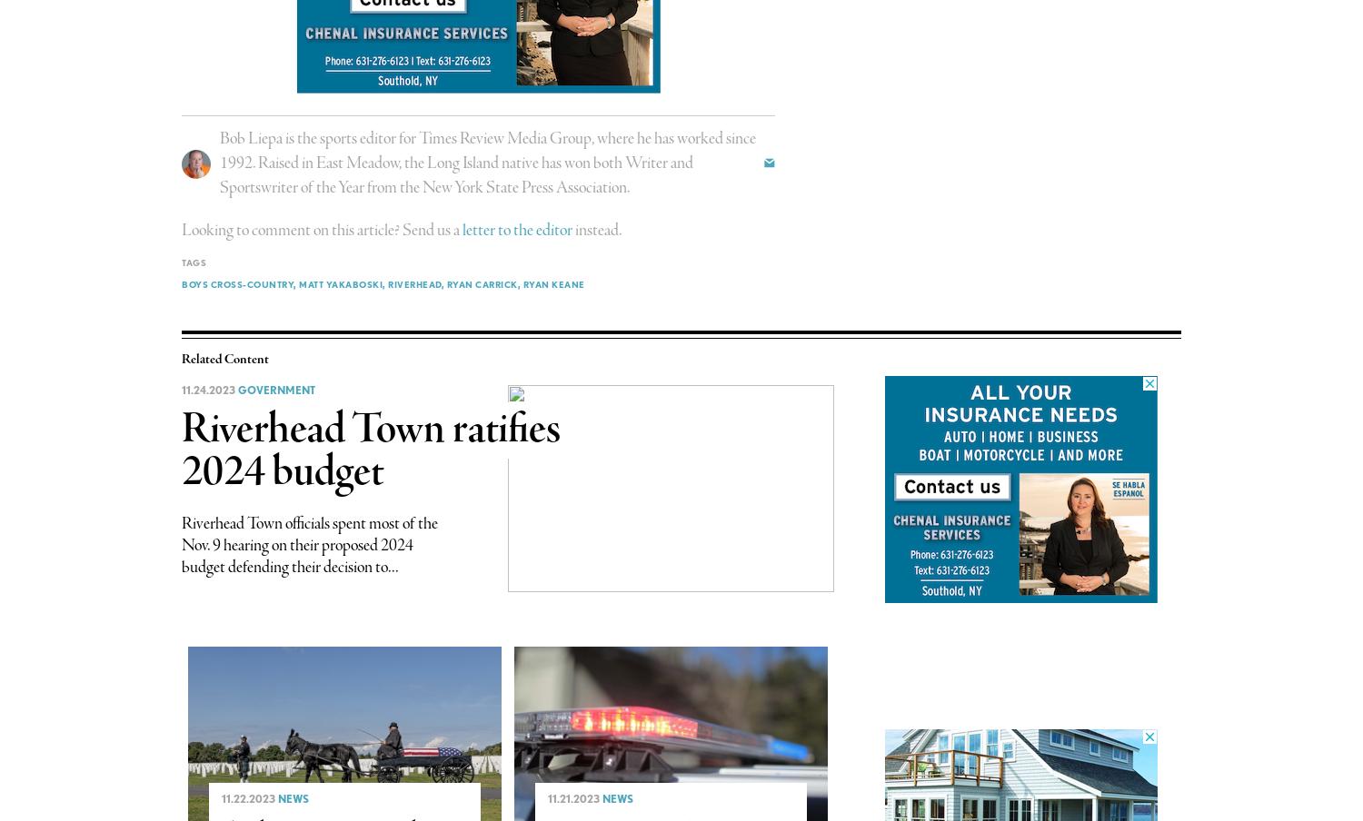  I want to click on '11.22.2023', so click(220, 798).